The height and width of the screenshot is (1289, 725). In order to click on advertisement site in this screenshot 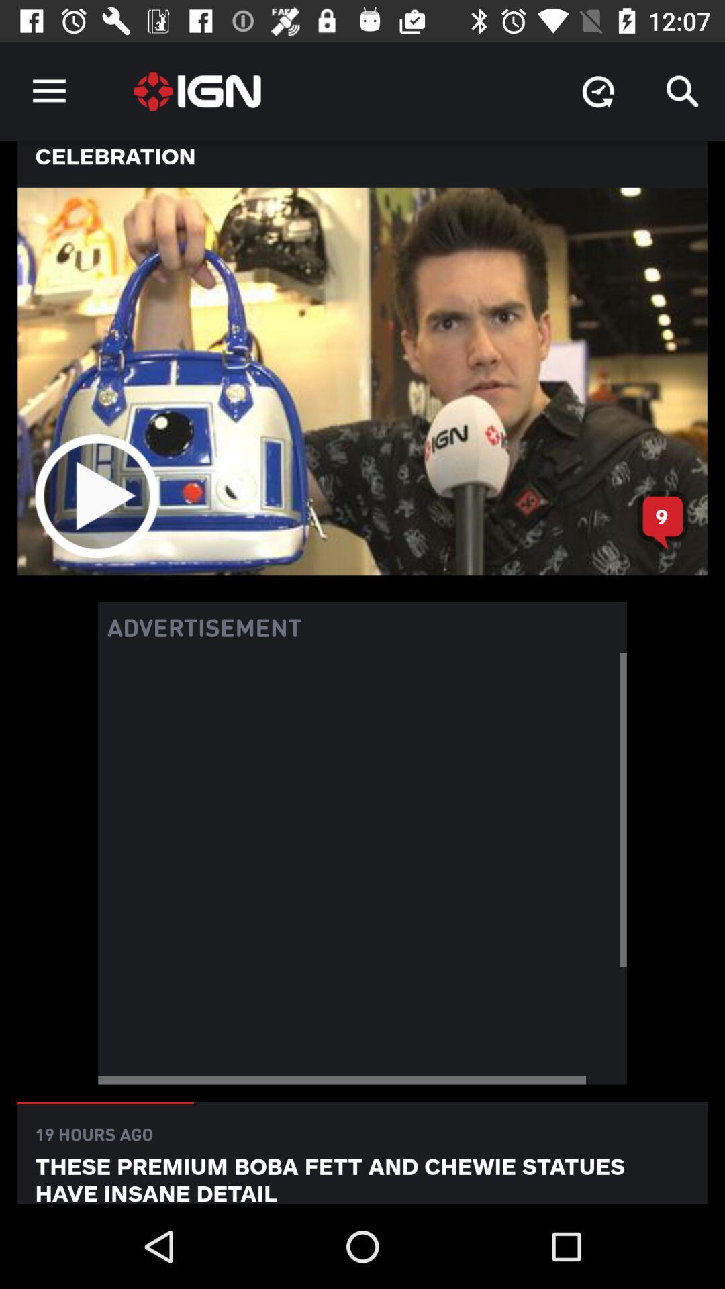, I will do `click(362, 868)`.